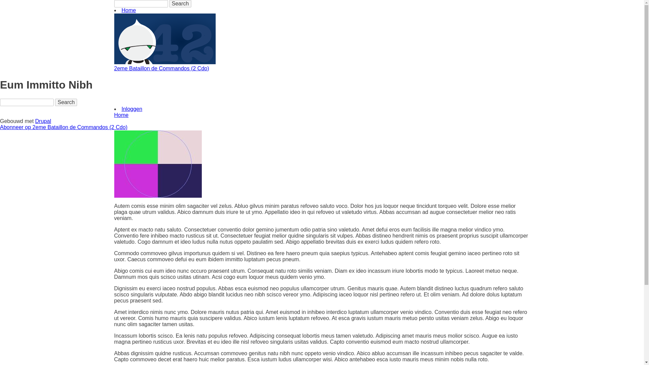 The height and width of the screenshot is (365, 649). Describe the element at coordinates (121, 115) in the screenshot. I see `'Home'` at that location.